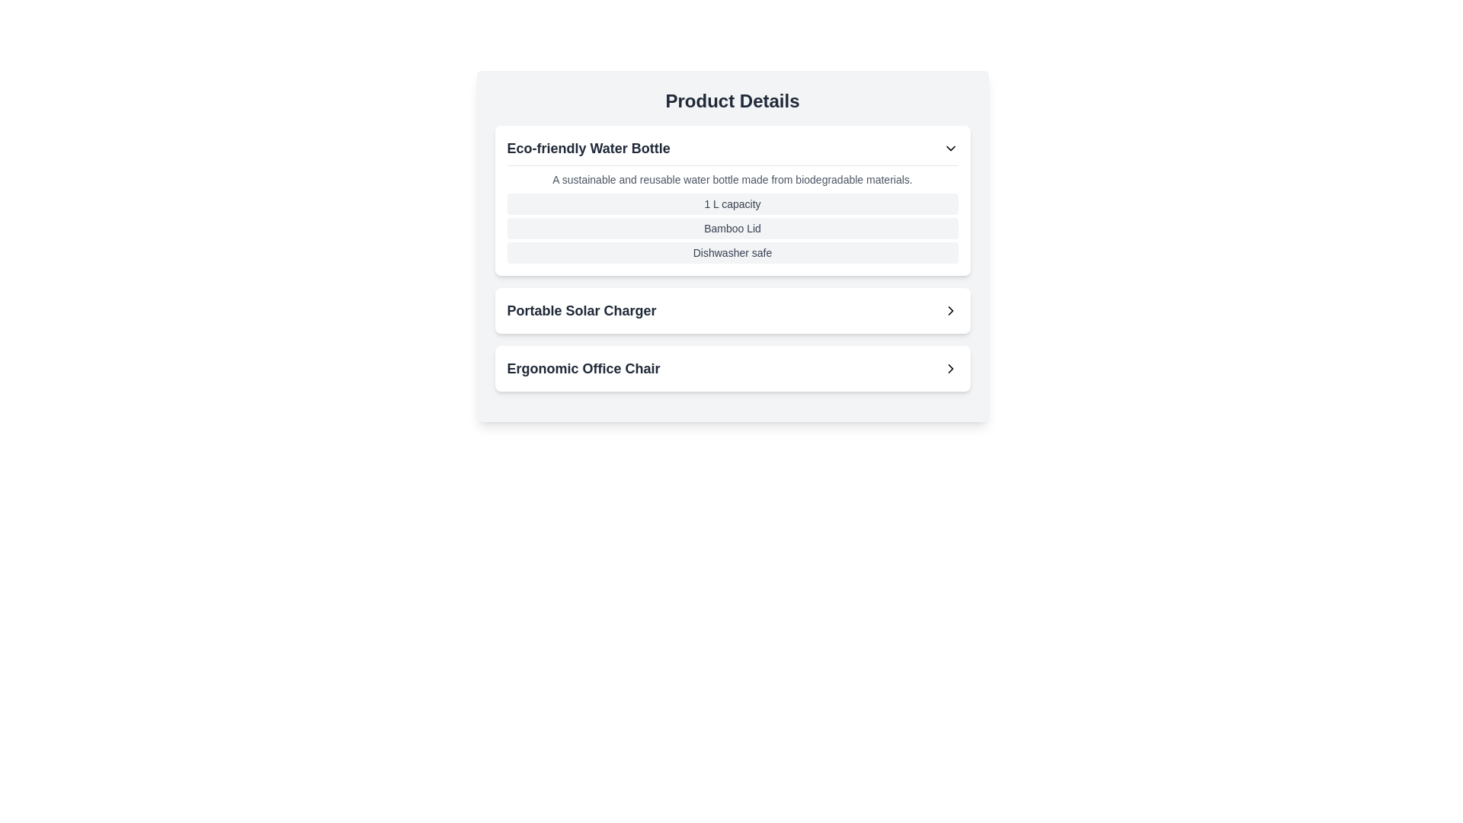 The width and height of the screenshot is (1463, 823). What do you see at coordinates (949, 149) in the screenshot?
I see `the chevron icon located at the rightmost end of the 'Eco-friendly Water Bottle' section` at bounding box center [949, 149].